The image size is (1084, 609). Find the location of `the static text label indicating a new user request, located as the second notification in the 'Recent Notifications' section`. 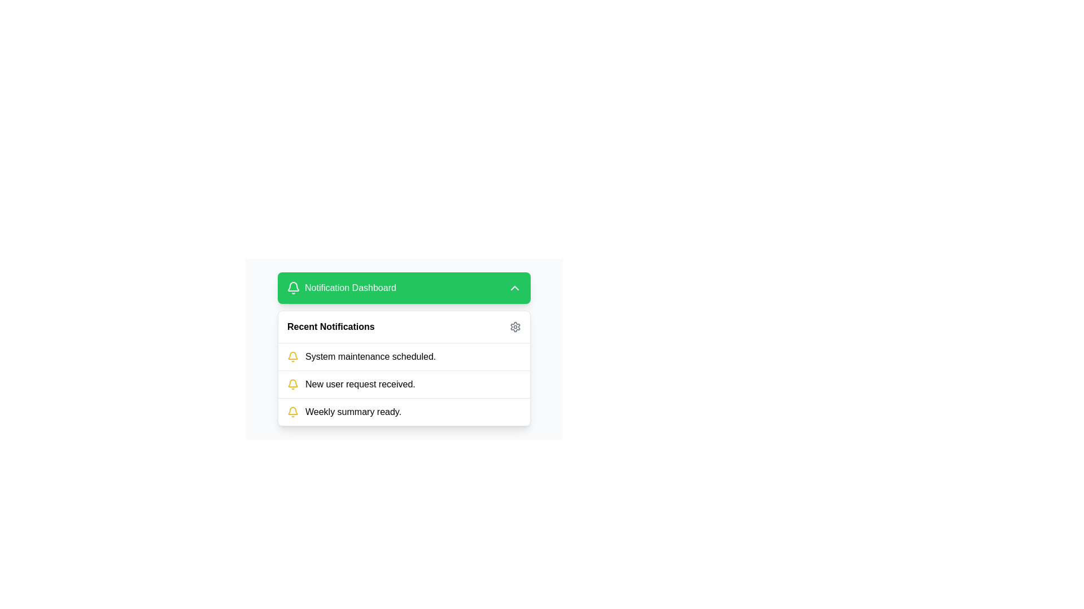

the static text label indicating a new user request, located as the second notification in the 'Recent Notifications' section is located at coordinates (360, 384).